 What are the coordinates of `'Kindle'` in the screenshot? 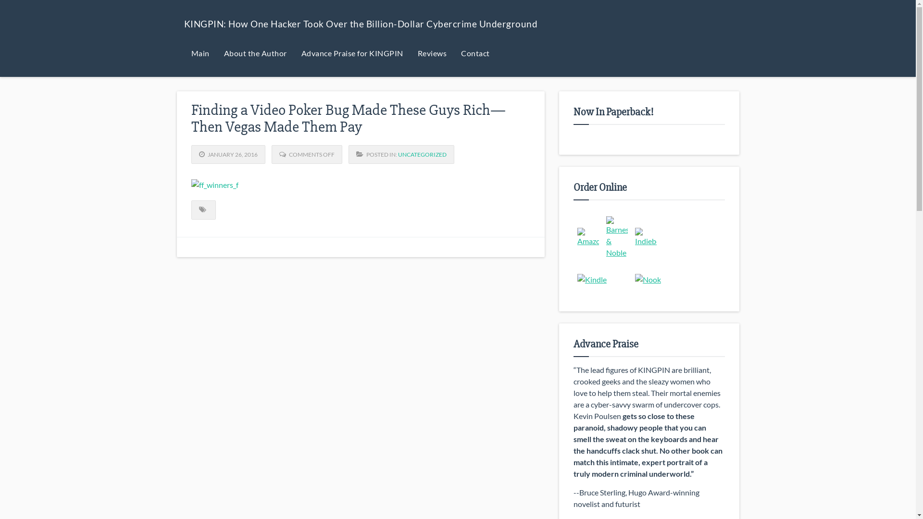 It's located at (591, 280).